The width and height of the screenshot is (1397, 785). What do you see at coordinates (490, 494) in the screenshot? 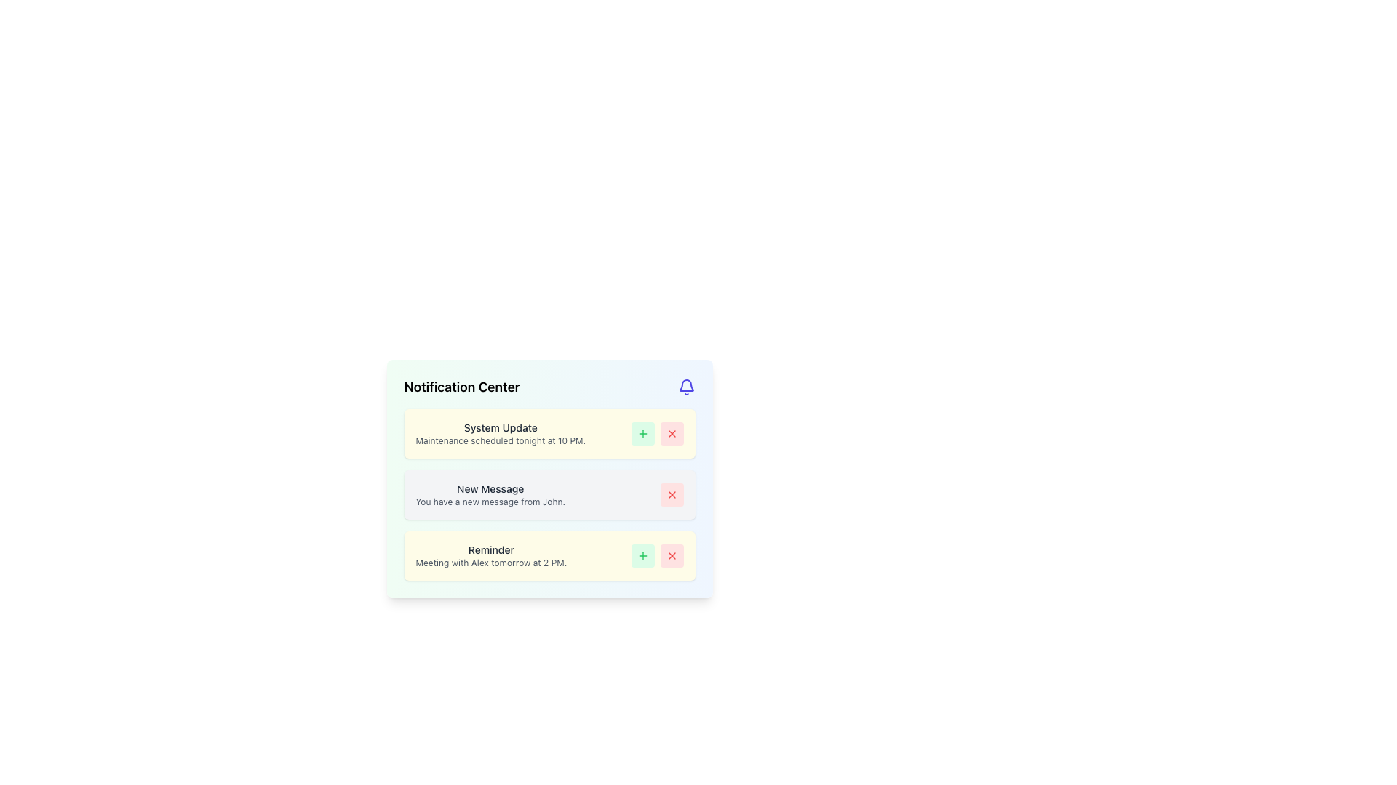
I see `contents of the second notification card in the main notification list, which notifies the user of a new message from John` at bounding box center [490, 494].